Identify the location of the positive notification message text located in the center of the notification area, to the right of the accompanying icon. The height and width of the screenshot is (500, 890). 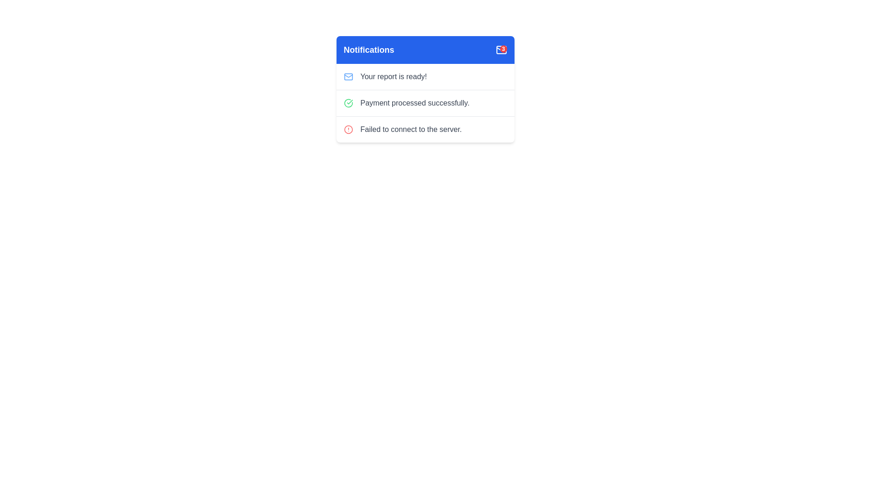
(414, 103).